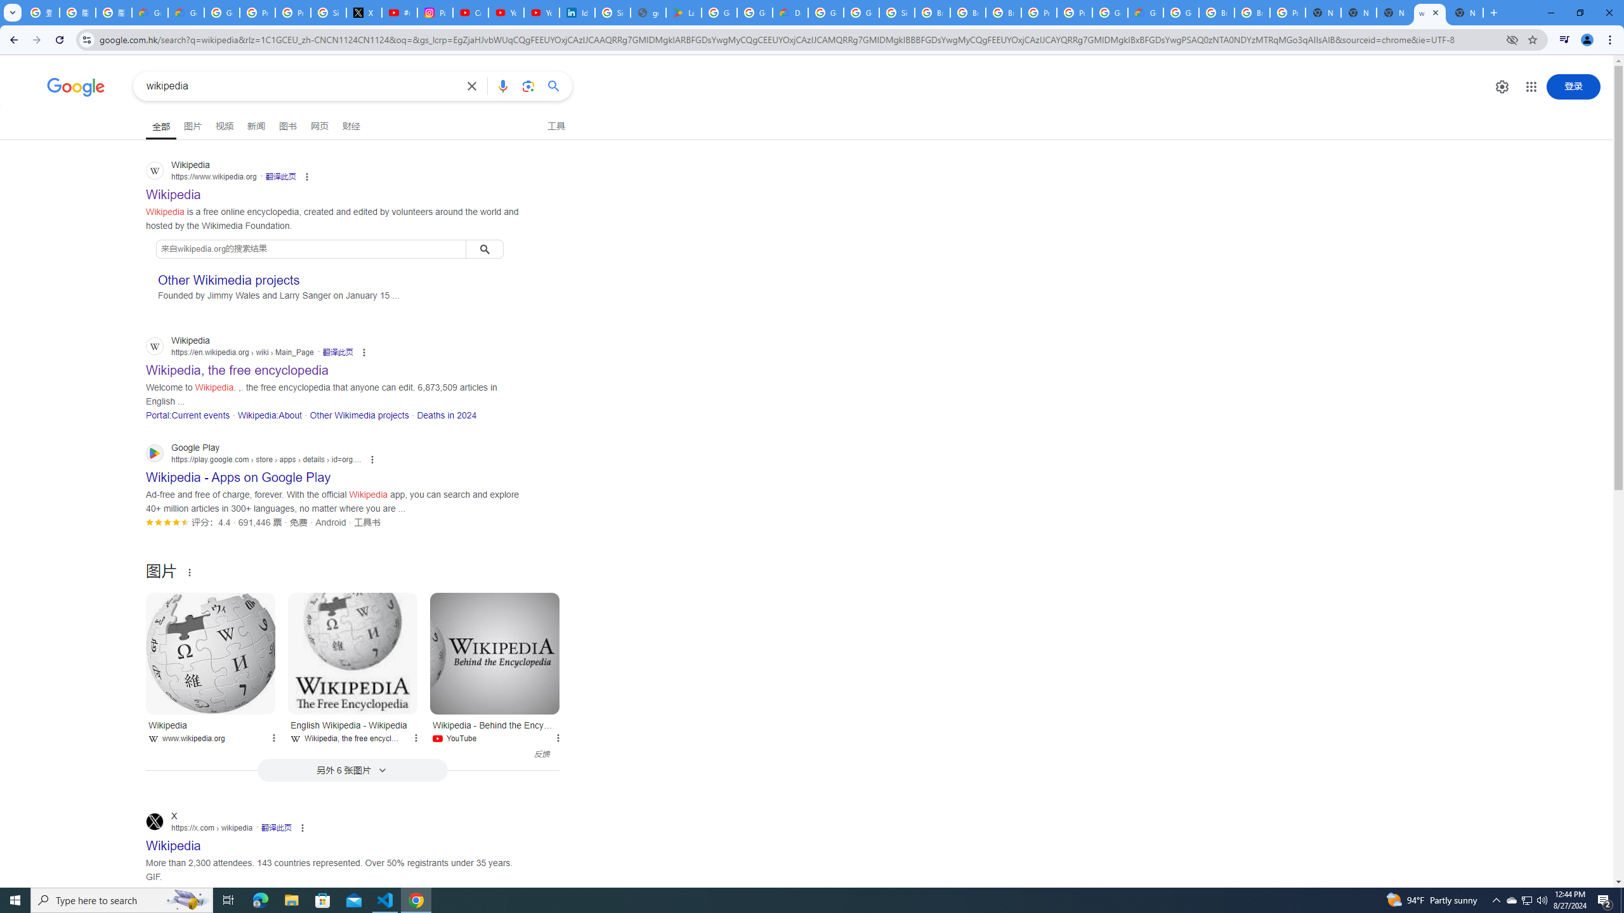 Image resolution: width=1624 pixels, height=913 pixels. Describe the element at coordinates (268, 415) in the screenshot. I see `'Wikipedia:About'` at that location.